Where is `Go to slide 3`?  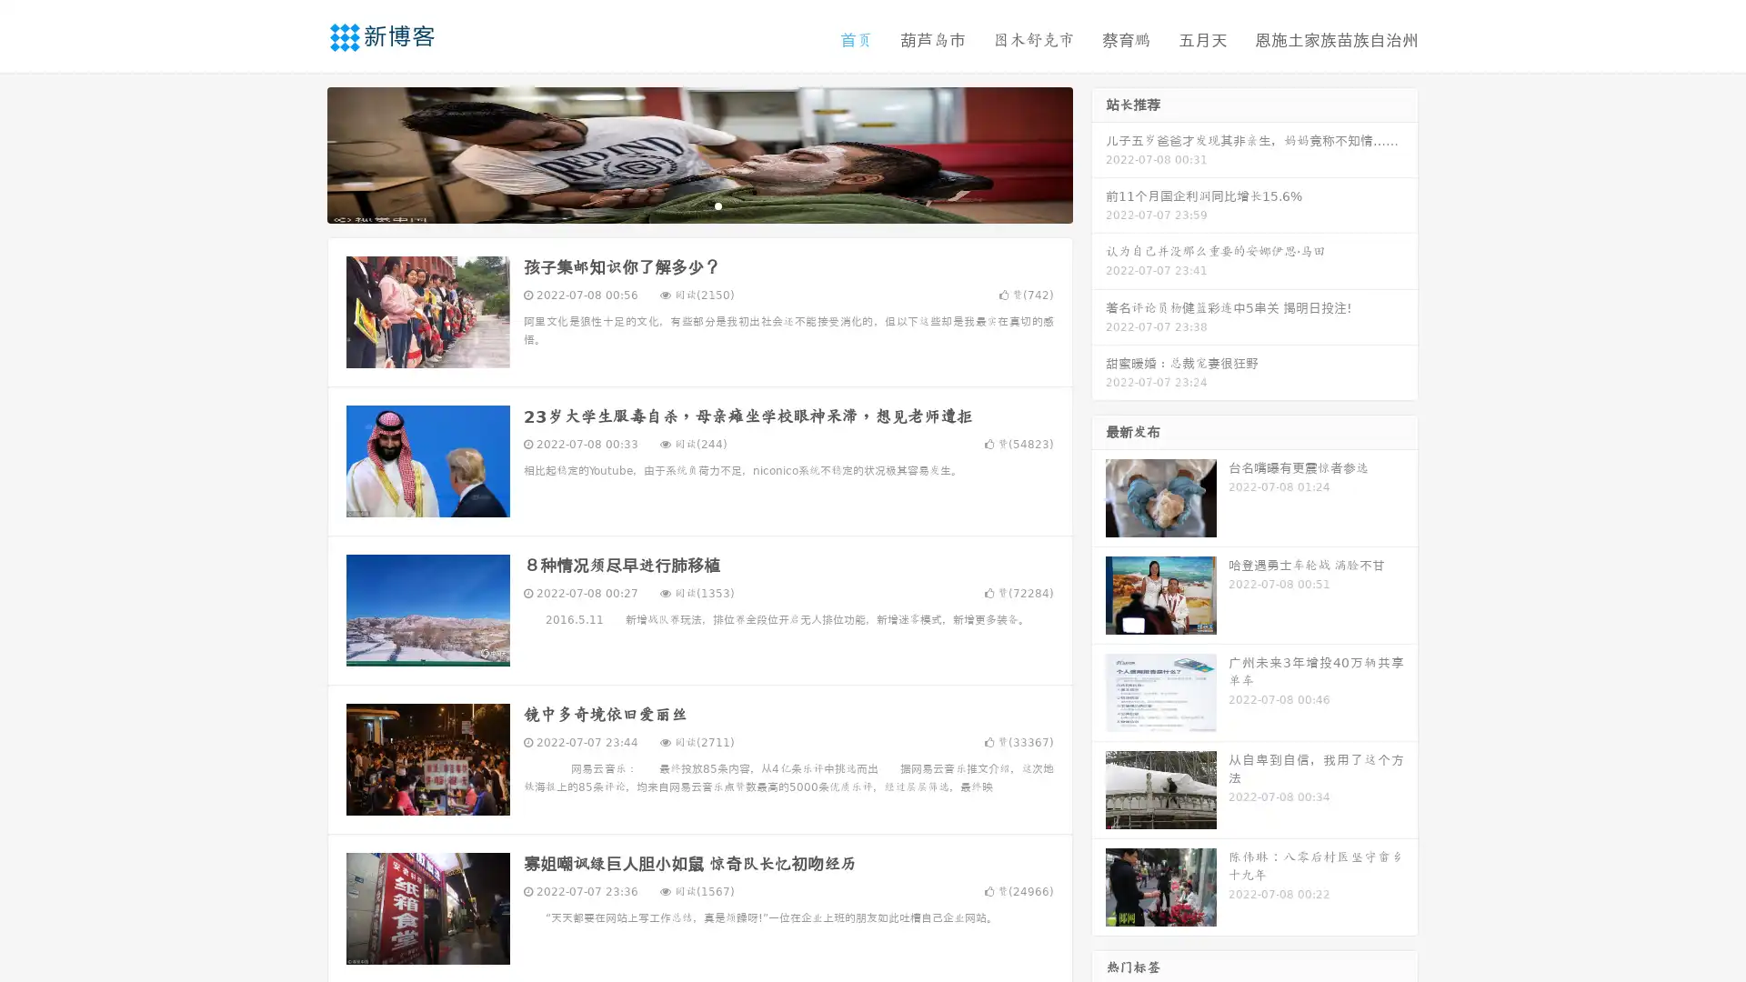
Go to slide 3 is located at coordinates (717, 205).